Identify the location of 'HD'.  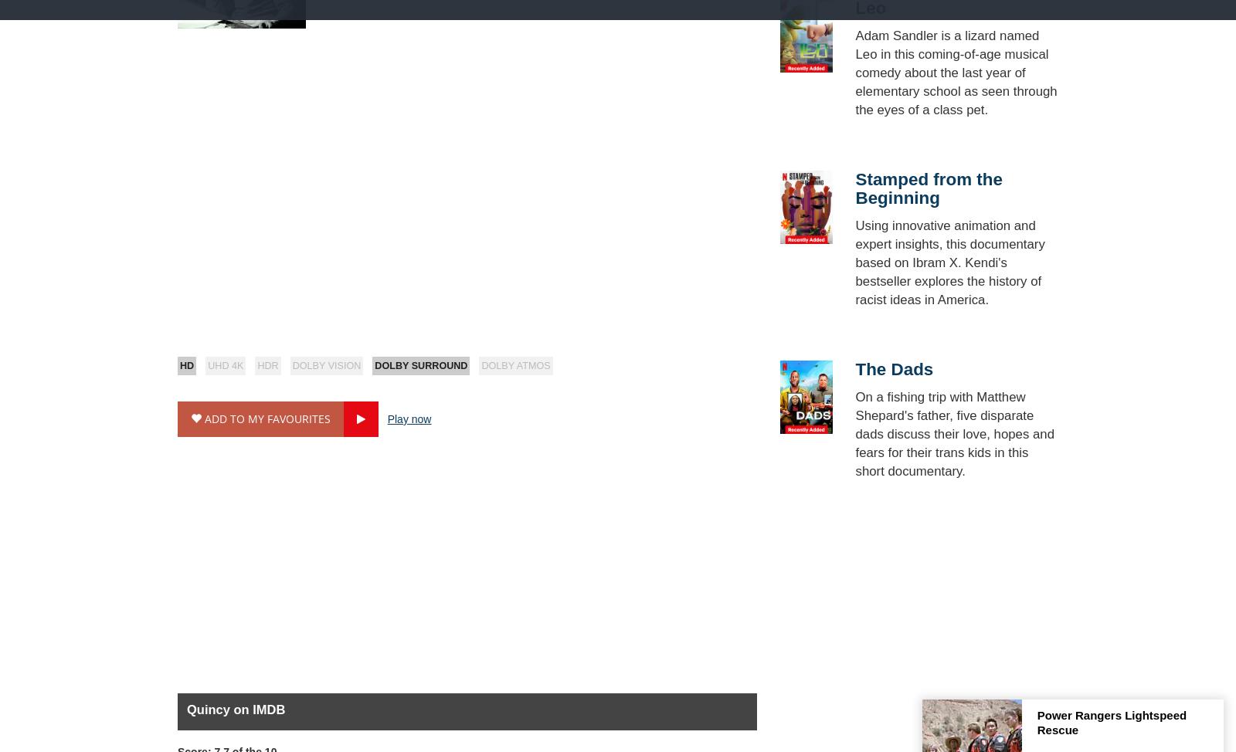
(186, 365).